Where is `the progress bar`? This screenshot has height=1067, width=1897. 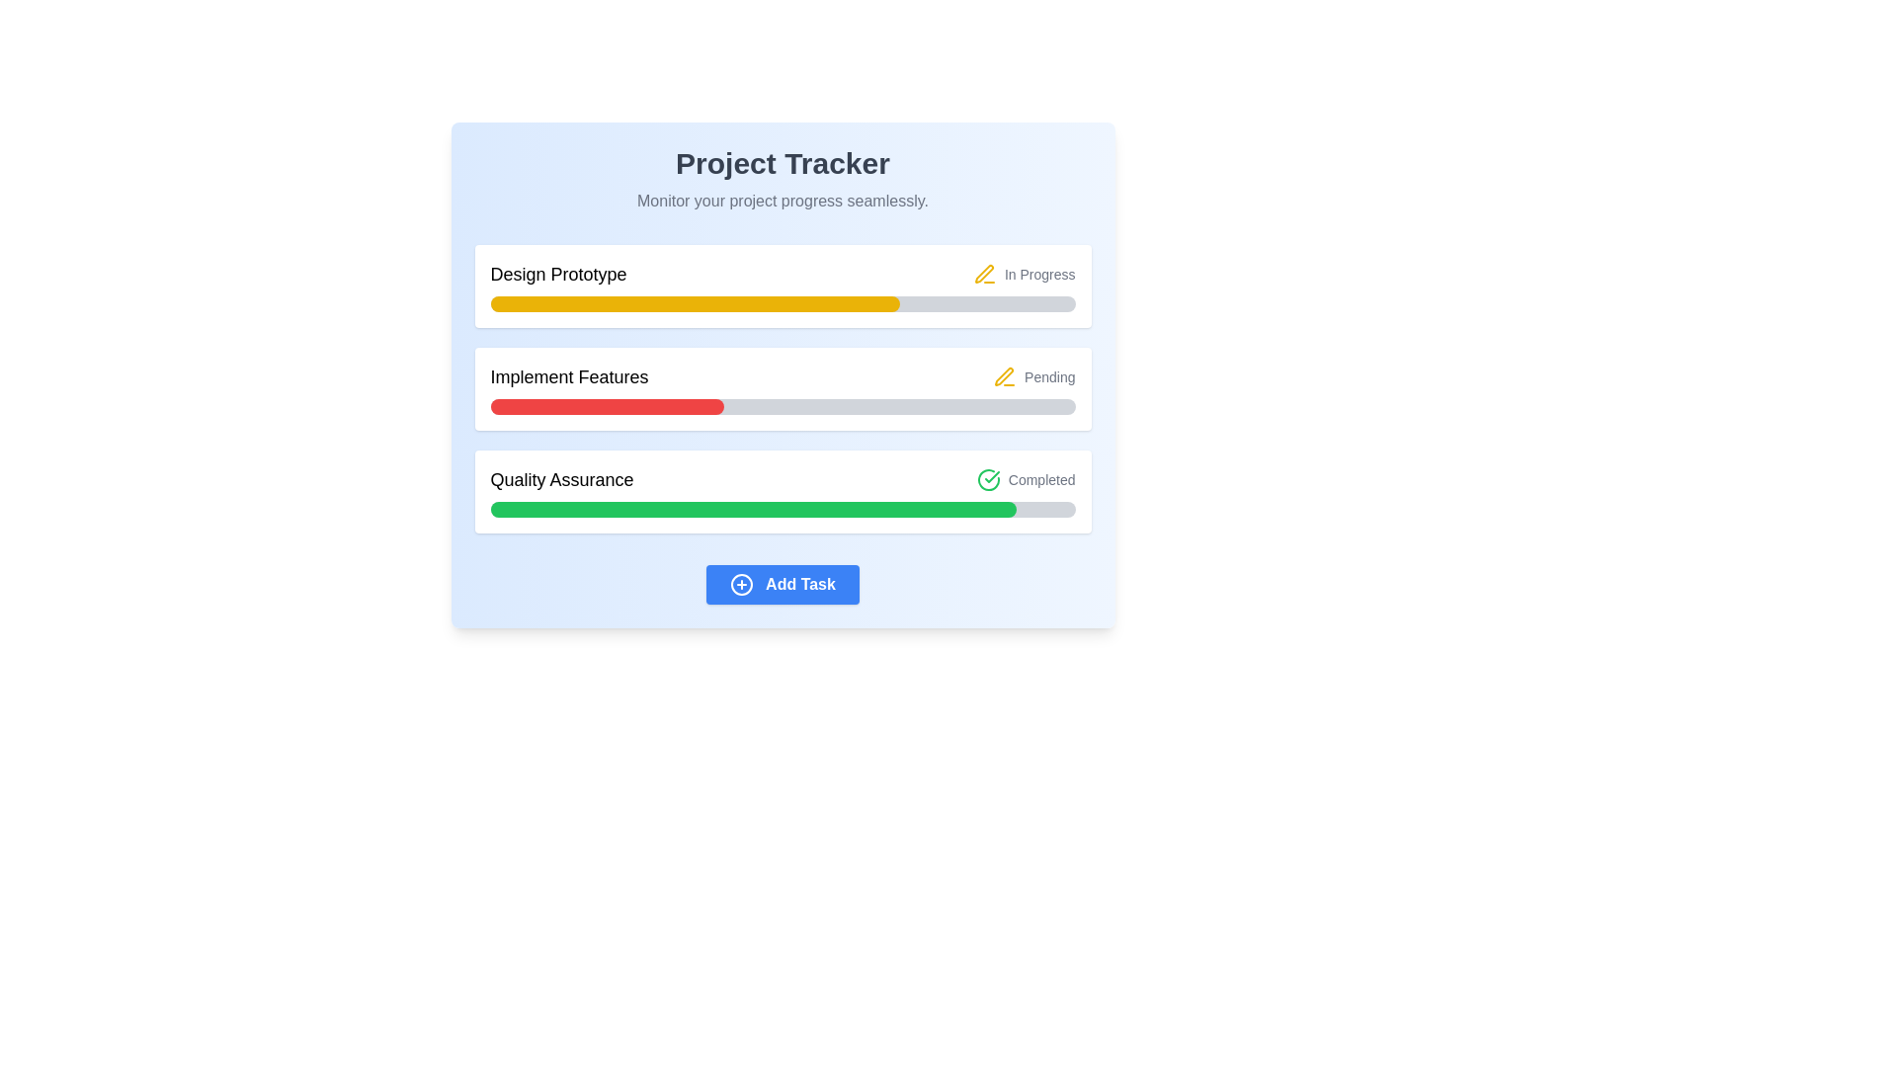
the progress bar is located at coordinates (787, 304).